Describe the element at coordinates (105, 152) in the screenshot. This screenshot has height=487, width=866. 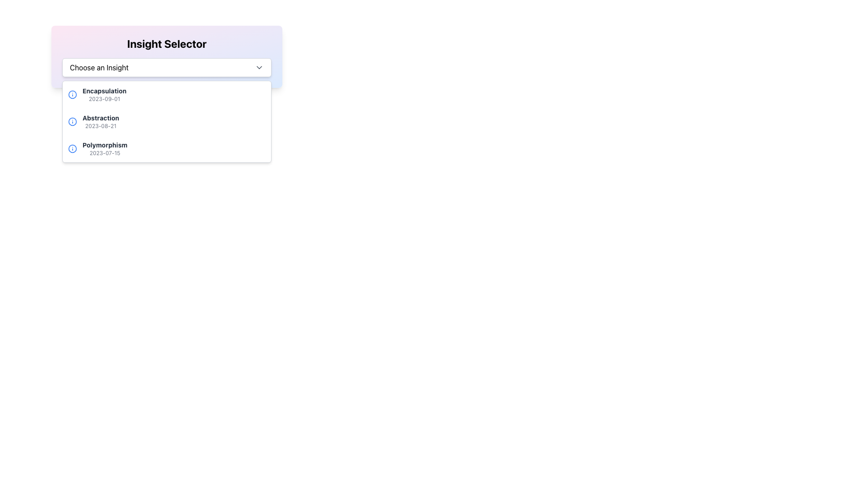
I see `the static text element displaying the date '2023-07-15', which is located beneath the bolded text 'Polymorphism' in the third entry of the 'Insight Selector' dropdown menu` at that location.